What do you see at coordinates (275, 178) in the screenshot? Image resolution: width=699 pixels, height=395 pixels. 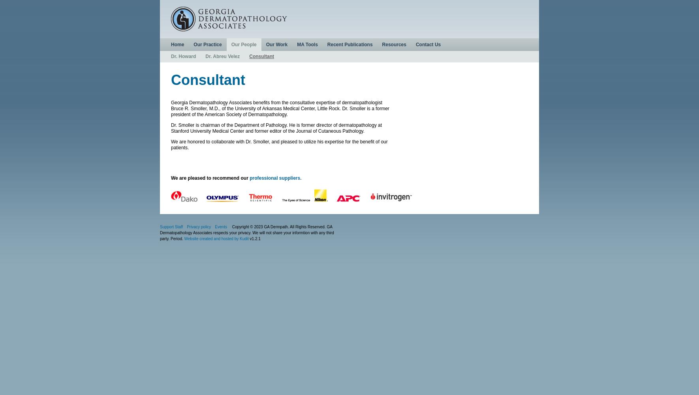 I see `'professional suppliers.'` at bounding box center [275, 178].